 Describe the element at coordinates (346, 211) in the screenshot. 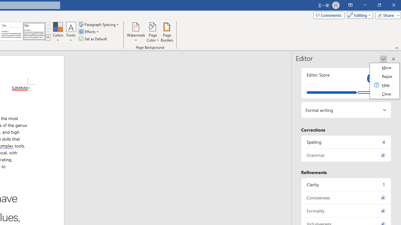

I see `'Formality, 0 issues. Press space or enter to review items.'` at that location.